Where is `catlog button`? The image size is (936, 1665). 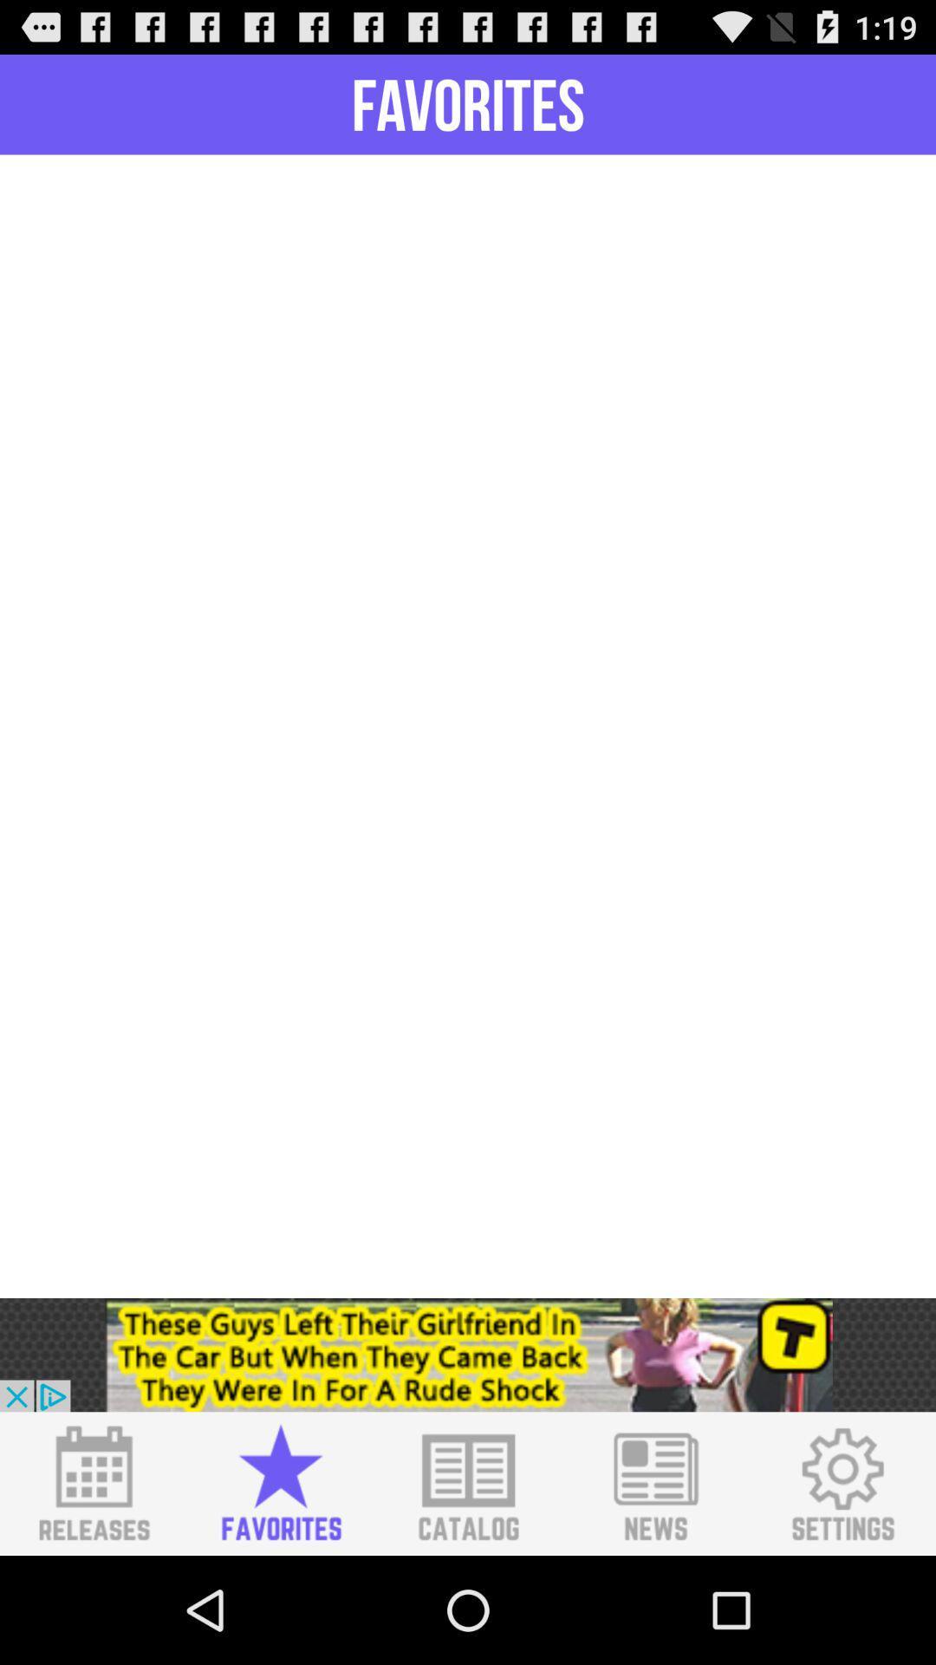
catlog button is located at coordinates (468, 1483).